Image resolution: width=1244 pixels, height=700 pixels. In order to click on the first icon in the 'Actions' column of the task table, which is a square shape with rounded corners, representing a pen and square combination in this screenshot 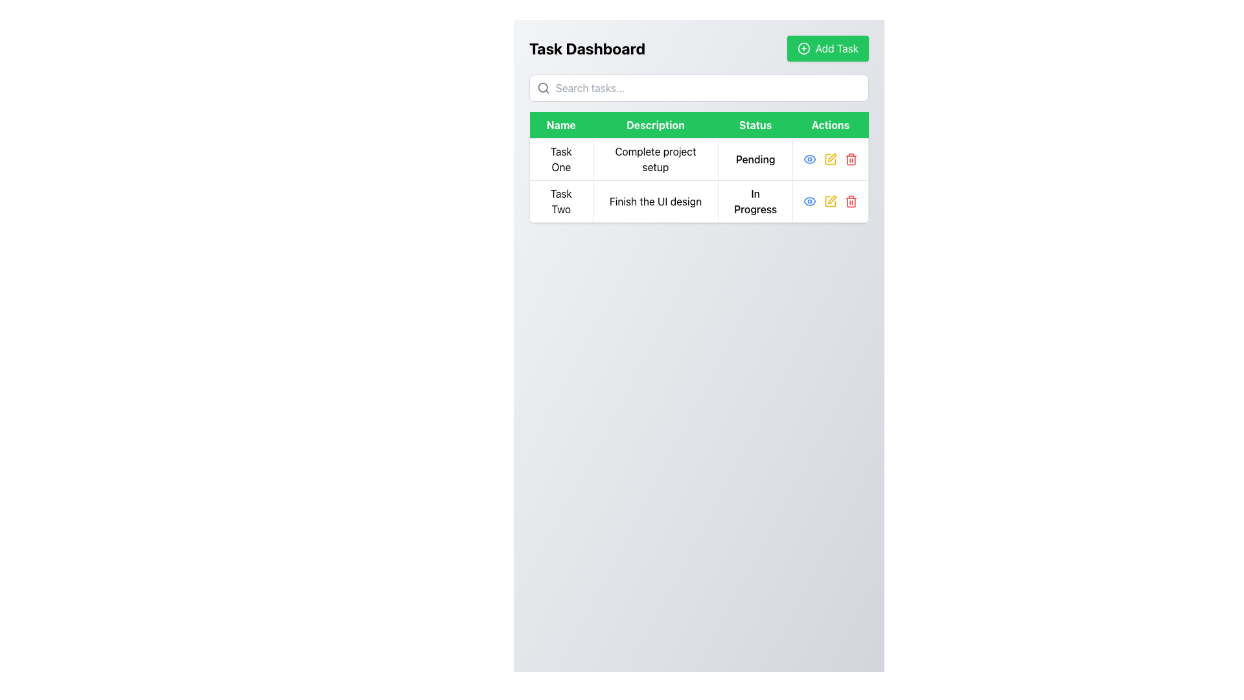, I will do `click(830, 159)`.